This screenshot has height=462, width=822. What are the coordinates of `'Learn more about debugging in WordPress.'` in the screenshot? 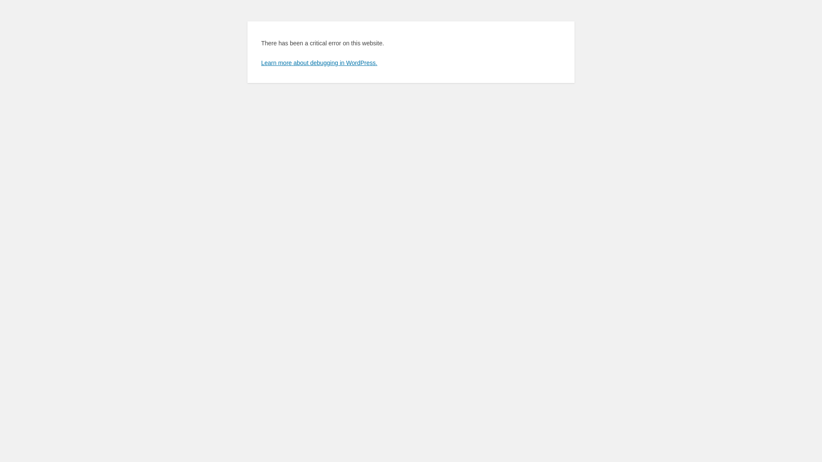 It's located at (260, 62).